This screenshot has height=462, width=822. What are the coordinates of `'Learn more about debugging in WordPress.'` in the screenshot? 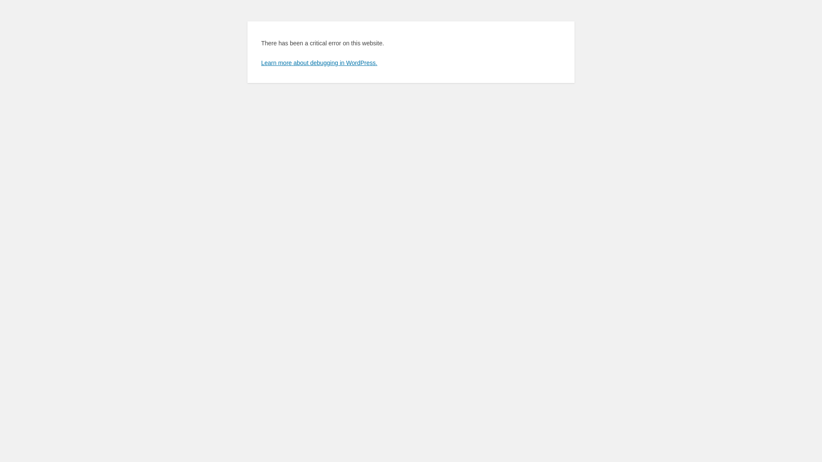 It's located at (260, 62).